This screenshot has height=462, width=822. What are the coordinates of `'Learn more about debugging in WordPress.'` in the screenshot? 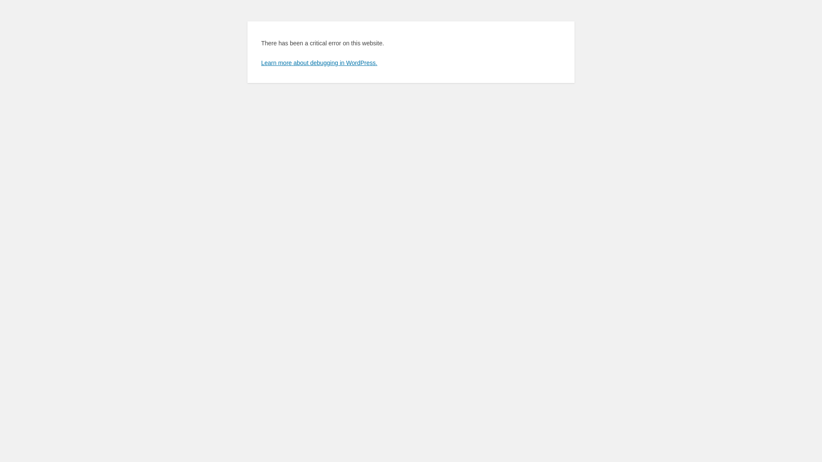 It's located at (260, 62).